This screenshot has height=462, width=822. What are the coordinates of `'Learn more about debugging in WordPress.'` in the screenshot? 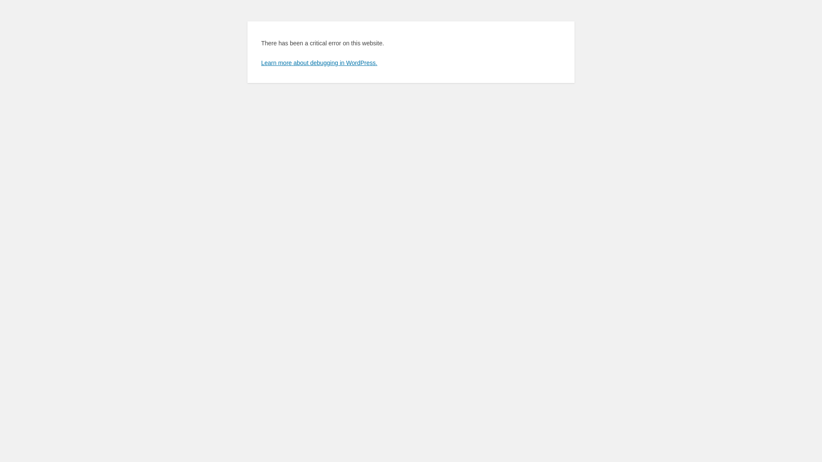 It's located at (260, 62).